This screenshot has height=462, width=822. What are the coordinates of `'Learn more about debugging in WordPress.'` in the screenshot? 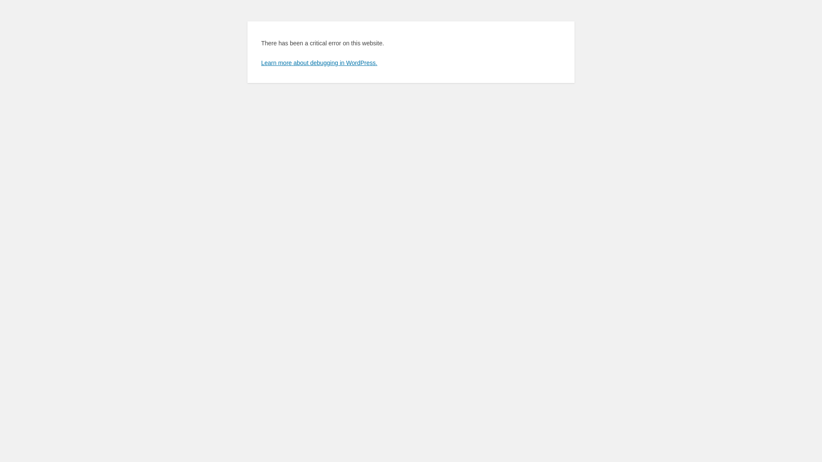 It's located at (260, 62).